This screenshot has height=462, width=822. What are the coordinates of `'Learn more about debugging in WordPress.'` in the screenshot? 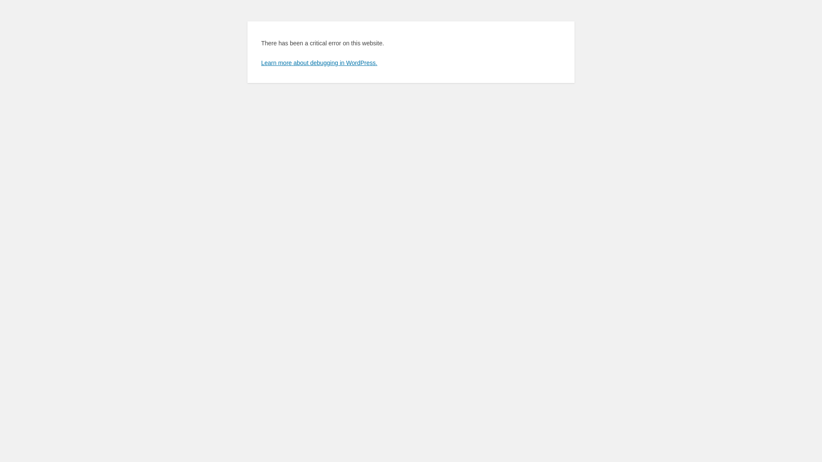 It's located at (260, 62).